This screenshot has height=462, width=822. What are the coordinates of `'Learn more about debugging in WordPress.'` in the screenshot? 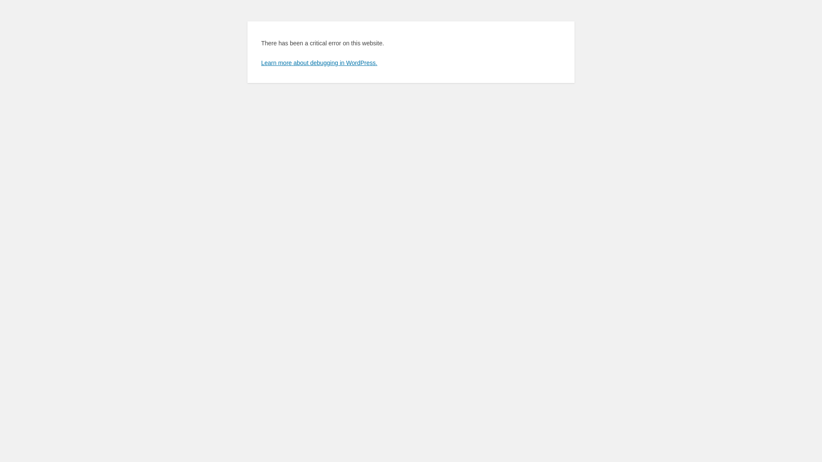 It's located at (260, 62).